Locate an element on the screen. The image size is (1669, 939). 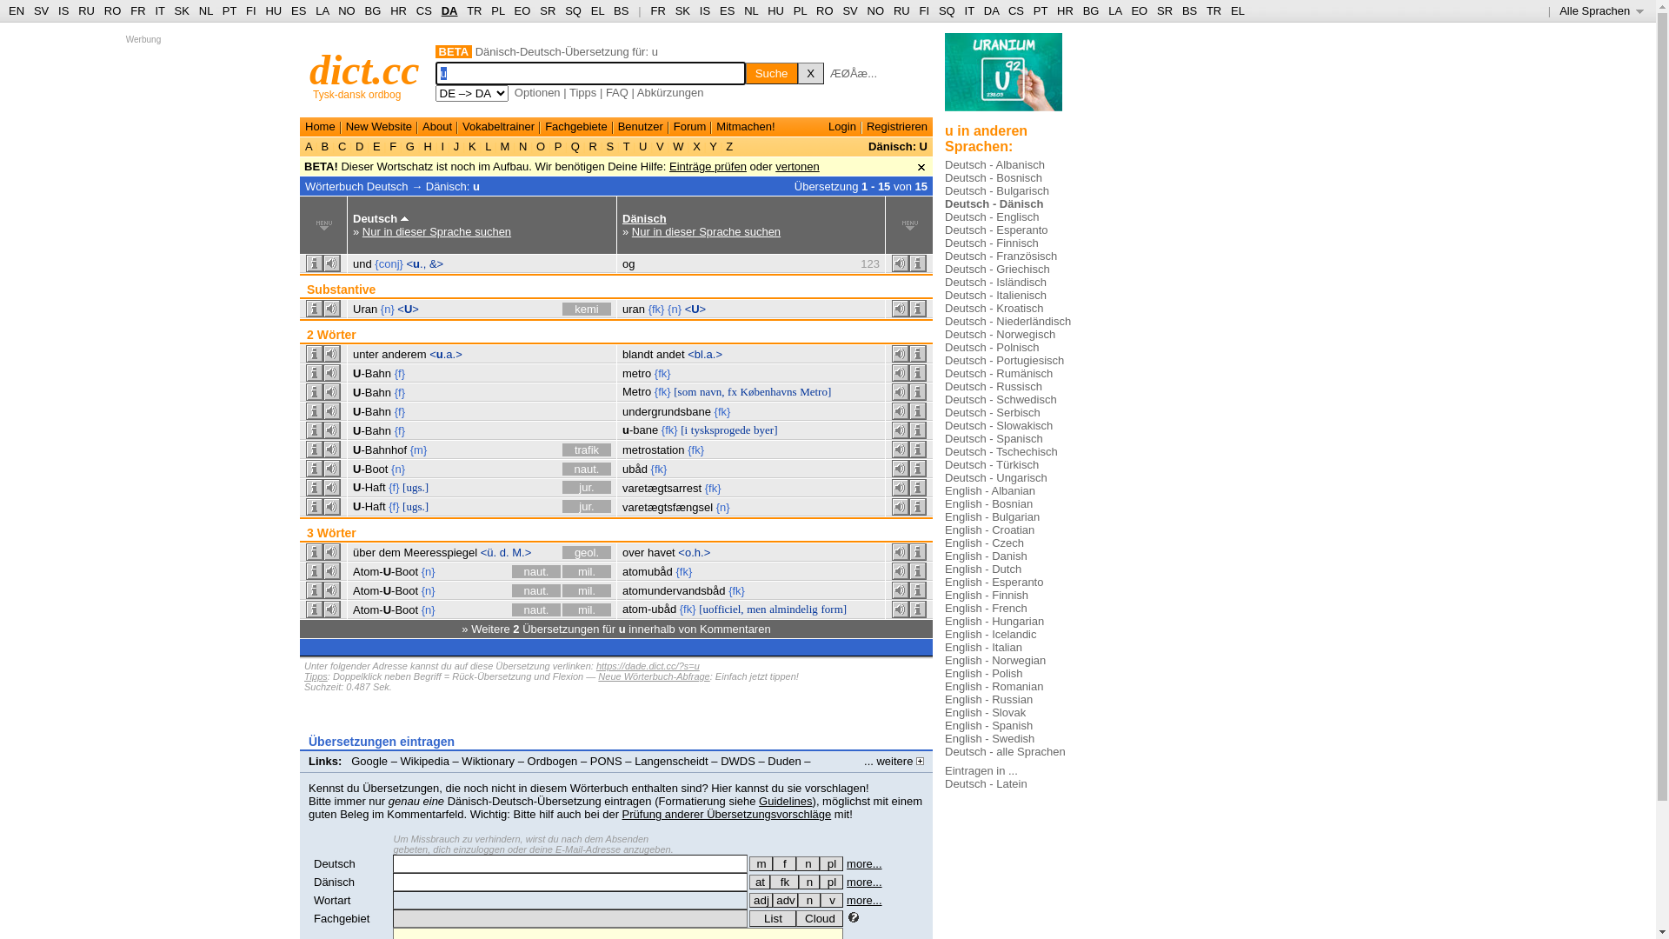
'English - Italian' is located at coordinates (983, 647).